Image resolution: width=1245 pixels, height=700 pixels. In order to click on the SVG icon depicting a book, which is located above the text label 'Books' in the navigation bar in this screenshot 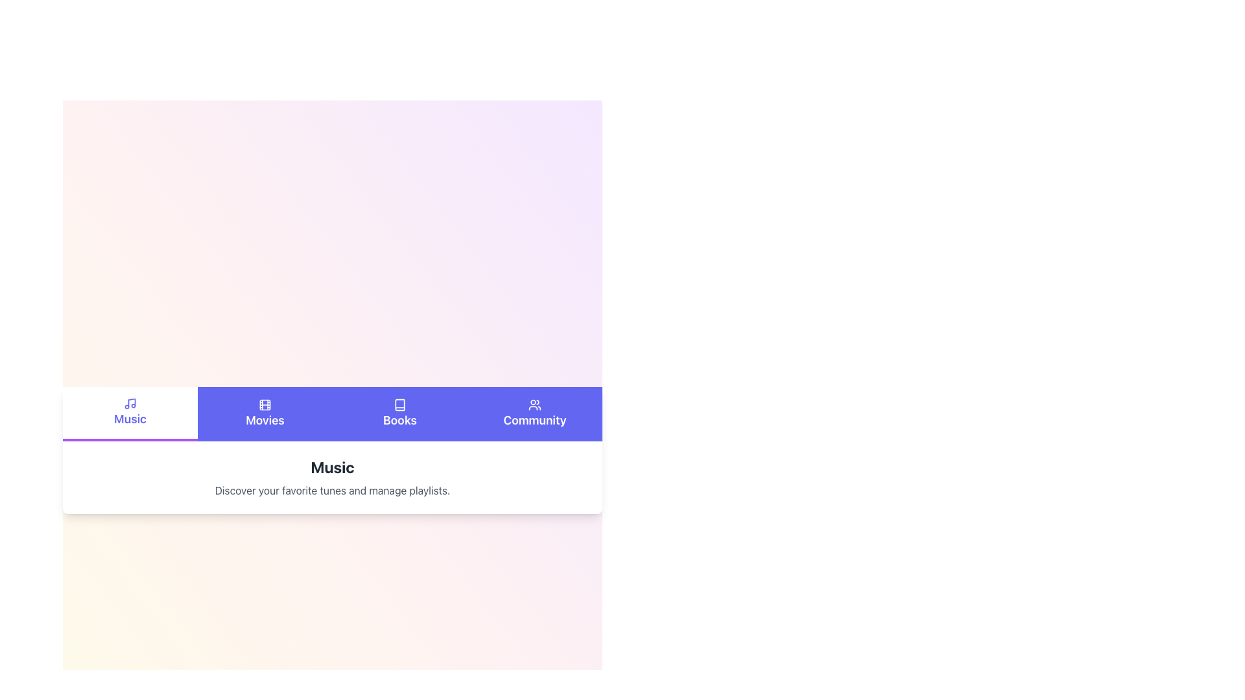, I will do `click(399, 404)`.